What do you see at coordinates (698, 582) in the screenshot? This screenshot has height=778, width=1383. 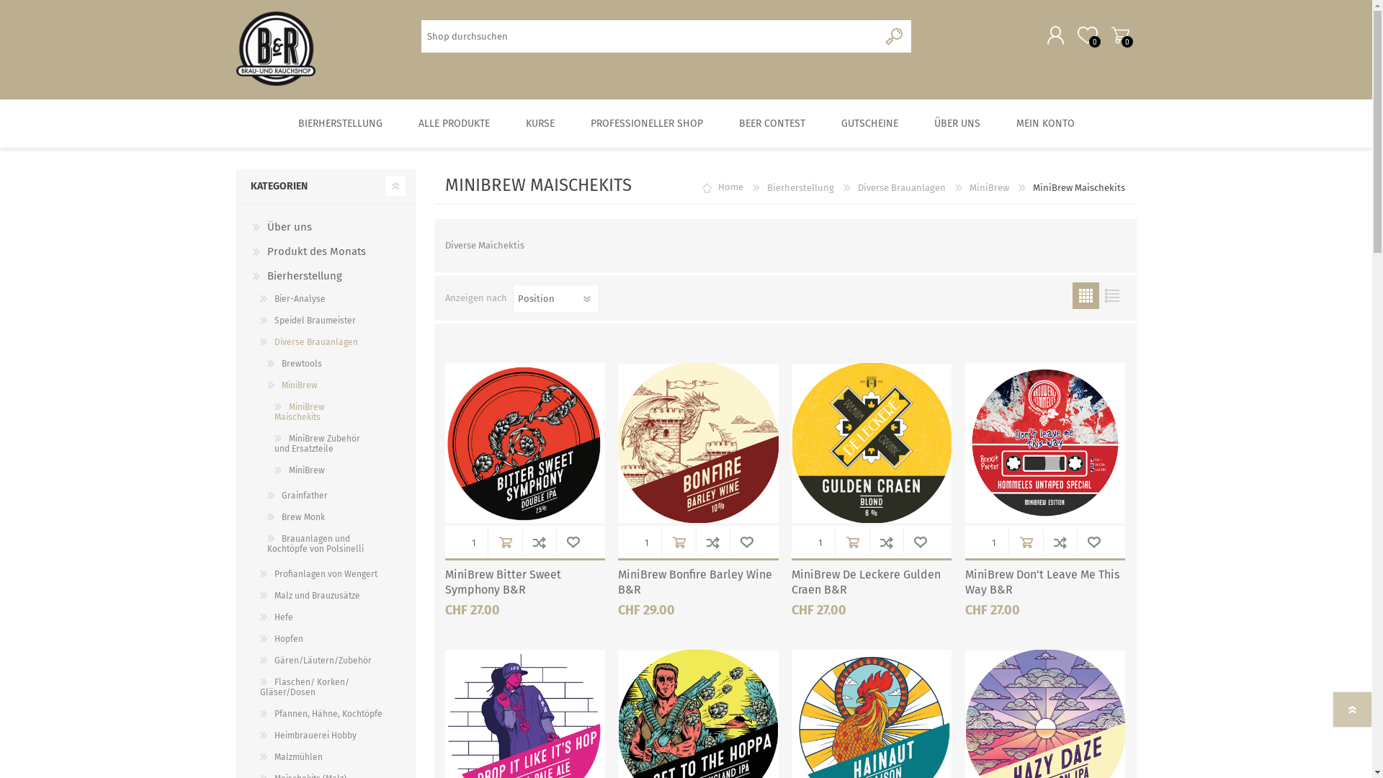 I see `'MiniBrew Bonfire Barley Wine B&R'` at bounding box center [698, 582].